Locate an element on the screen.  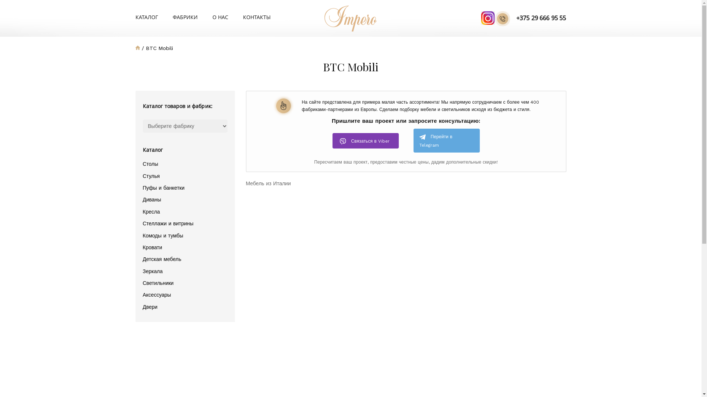
'+375 29 666 95 55' is located at coordinates (530, 18).